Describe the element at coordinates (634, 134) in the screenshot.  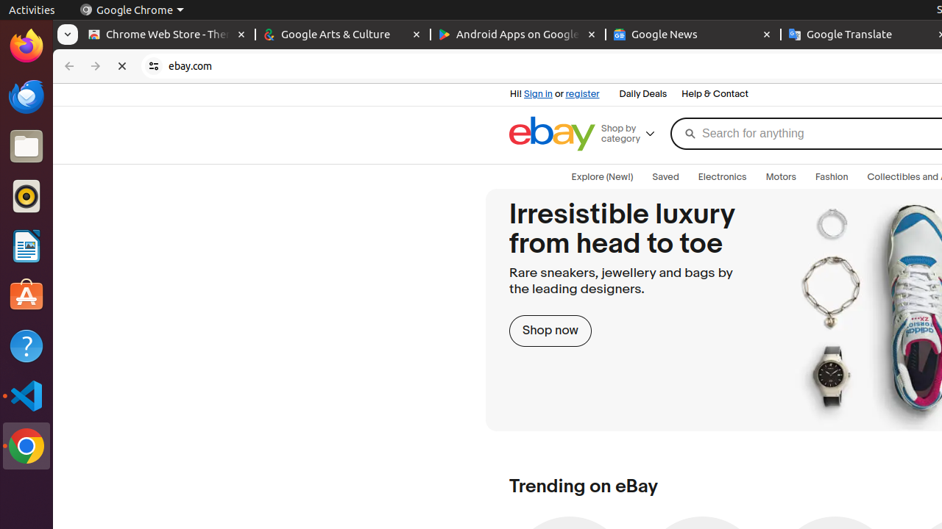
I see `'Shop by category'` at that location.